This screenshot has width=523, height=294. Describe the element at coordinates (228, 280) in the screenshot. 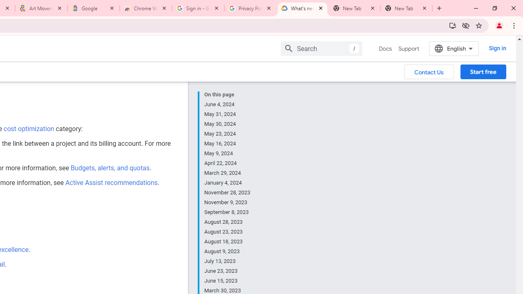

I see `'June 15, 2023'` at that location.